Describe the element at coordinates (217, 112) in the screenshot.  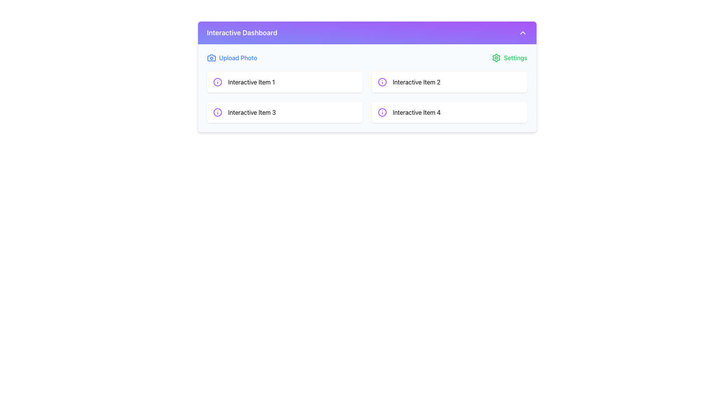
I see `the circular icon with a purple outline located to the left of the text 'Interactive Item 3' in the interactive dashboard` at that location.